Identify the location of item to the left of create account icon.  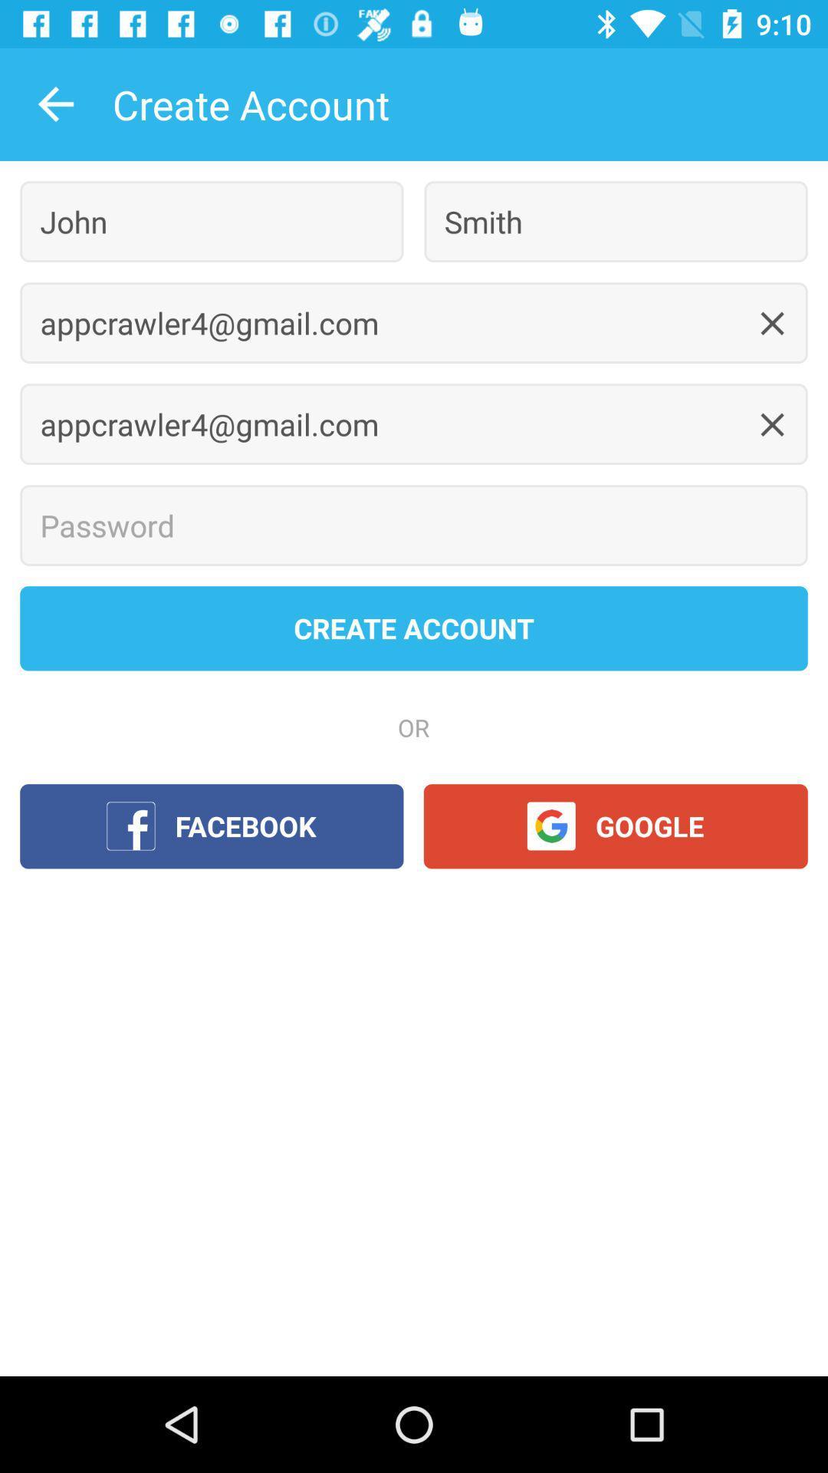
(55, 104).